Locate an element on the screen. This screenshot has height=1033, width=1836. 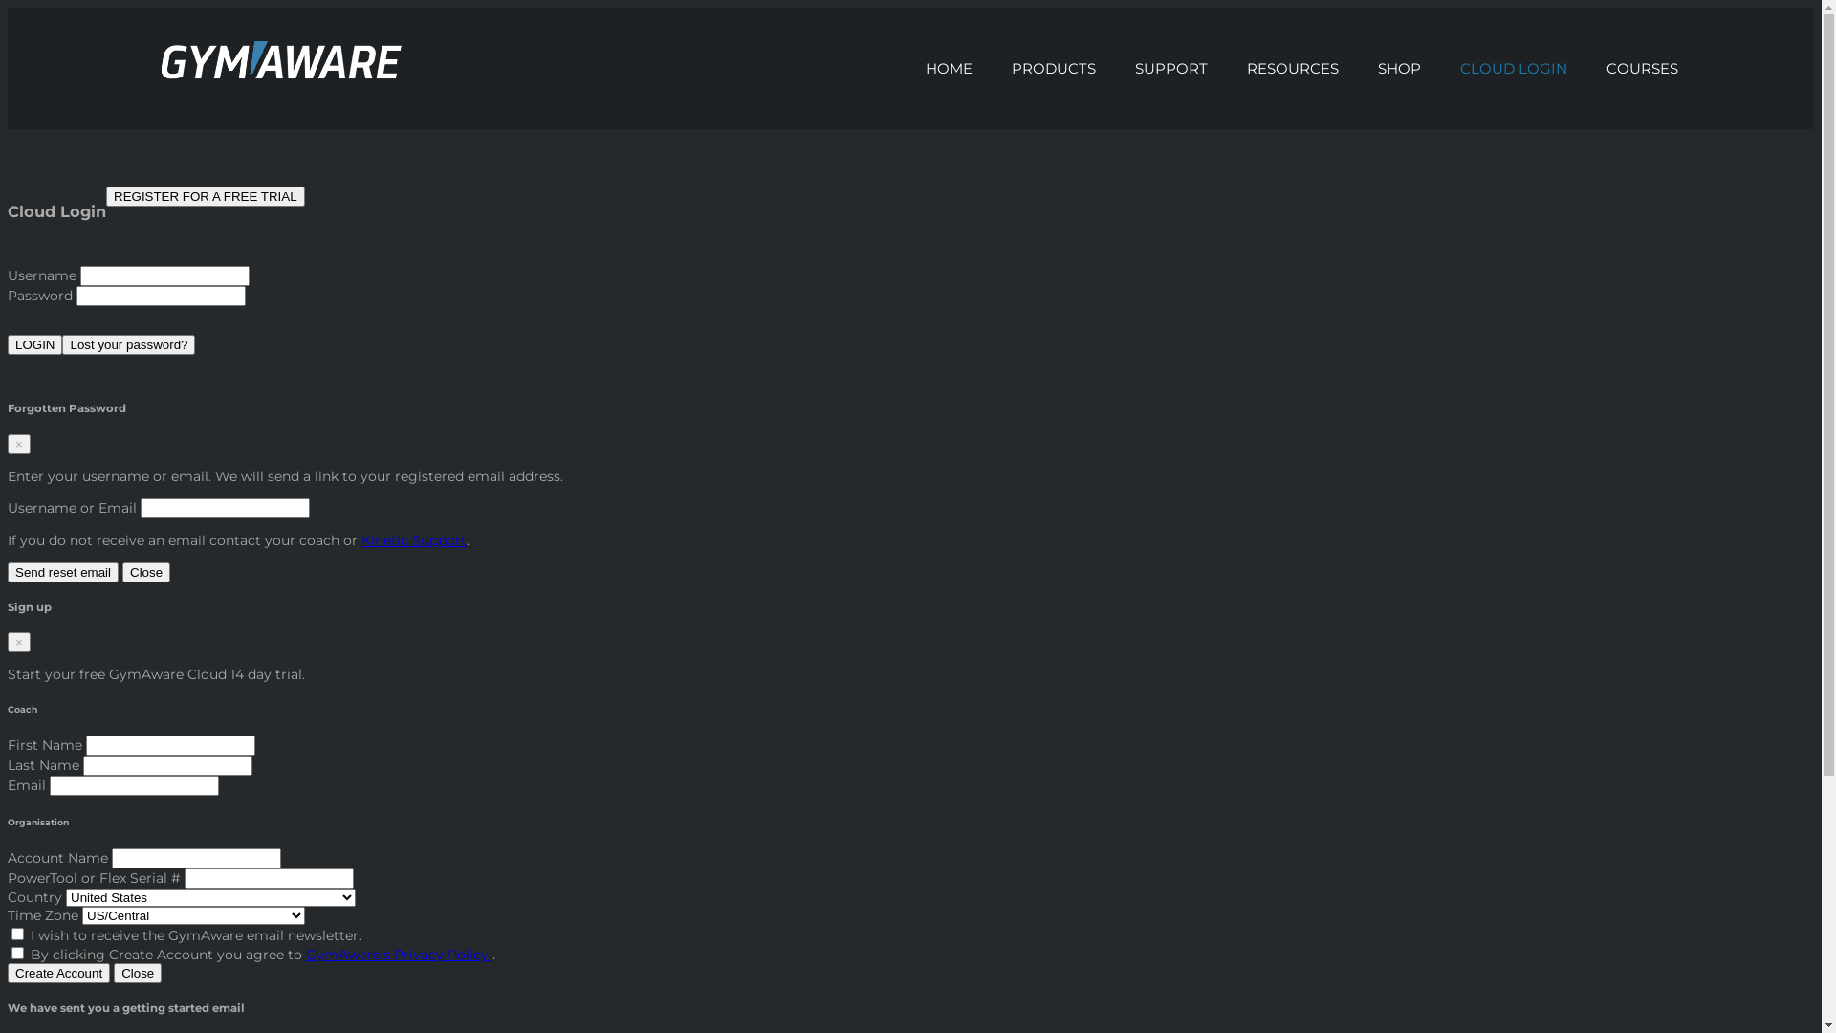
'REGISTER FOR A FREE TRIAL' is located at coordinates (206, 196).